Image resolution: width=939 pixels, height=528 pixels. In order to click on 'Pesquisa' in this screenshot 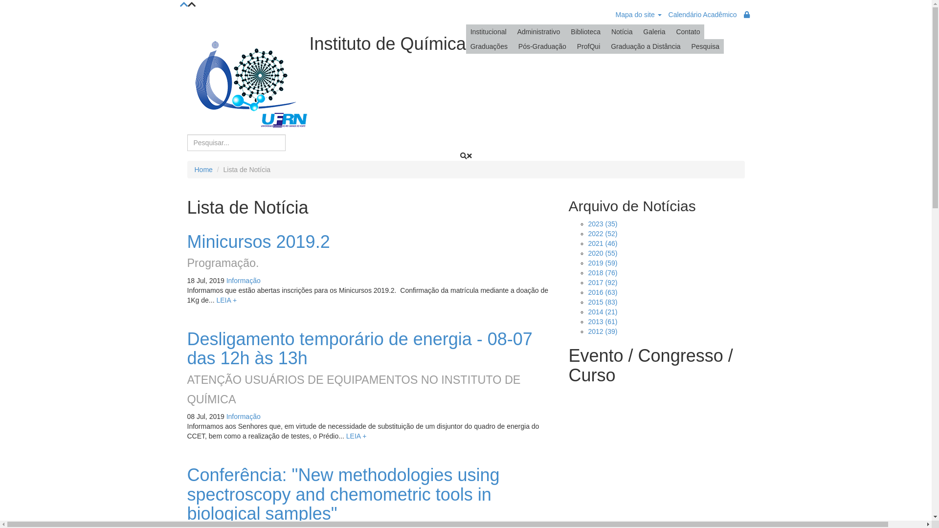, I will do `click(686, 46)`.